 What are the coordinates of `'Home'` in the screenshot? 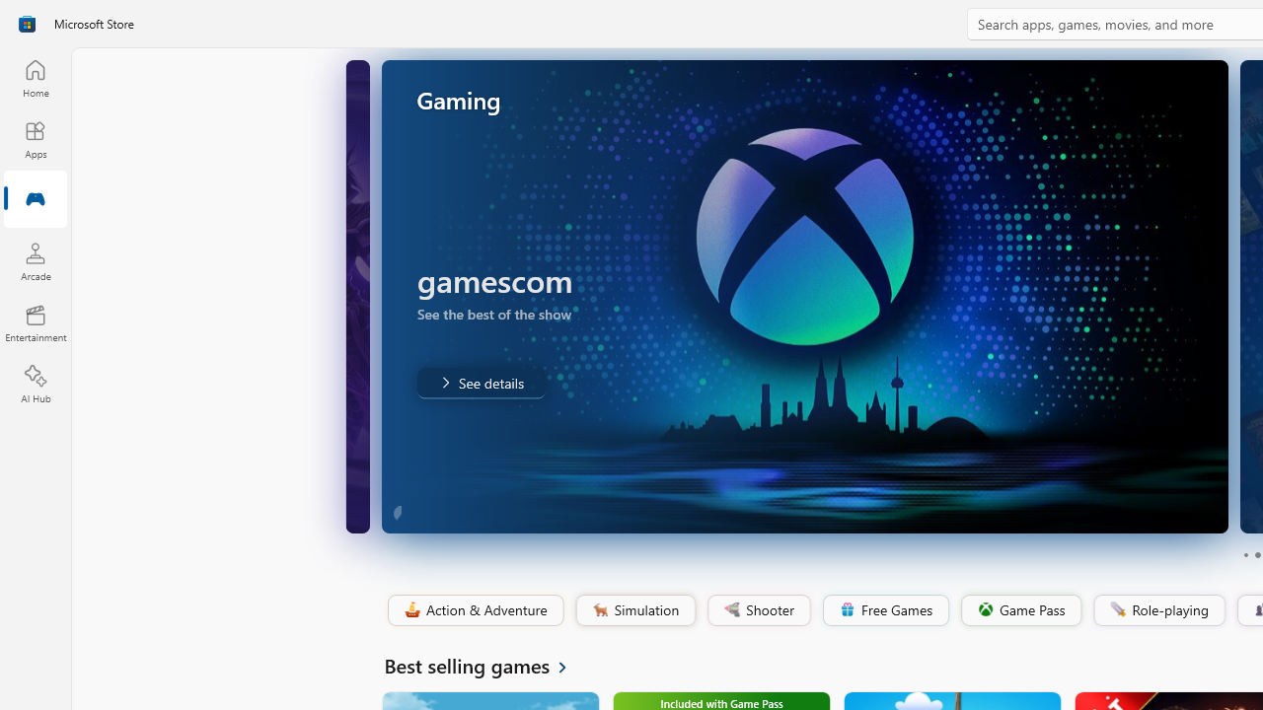 It's located at (35, 77).